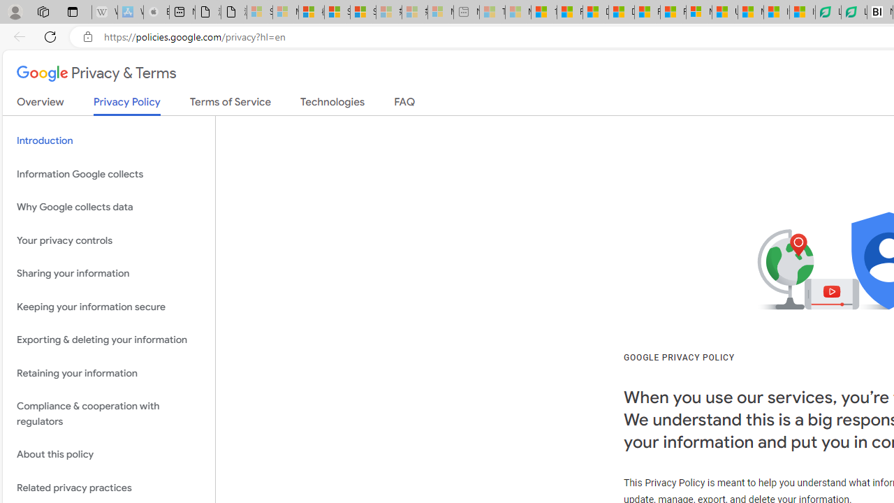 The width and height of the screenshot is (894, 503). I want to click on 'About this policy', so click(108, 455).